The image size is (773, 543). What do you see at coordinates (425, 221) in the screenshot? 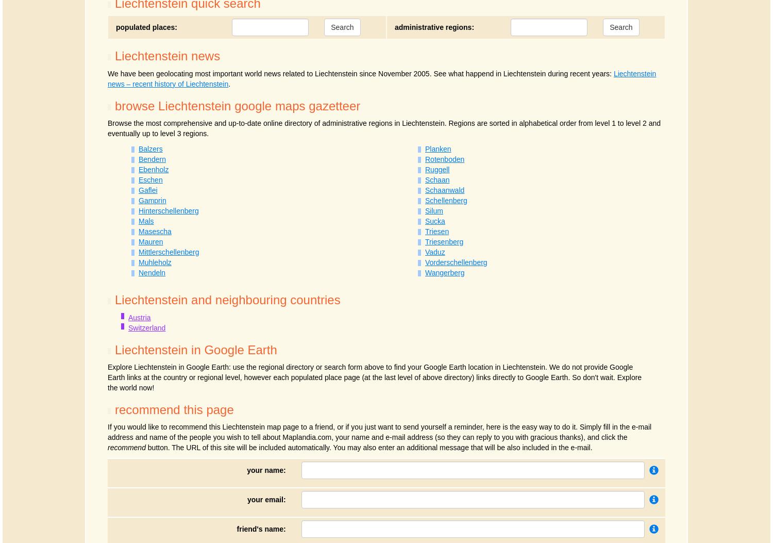
I see `'Sucka'` at bounding box center [425, 221].